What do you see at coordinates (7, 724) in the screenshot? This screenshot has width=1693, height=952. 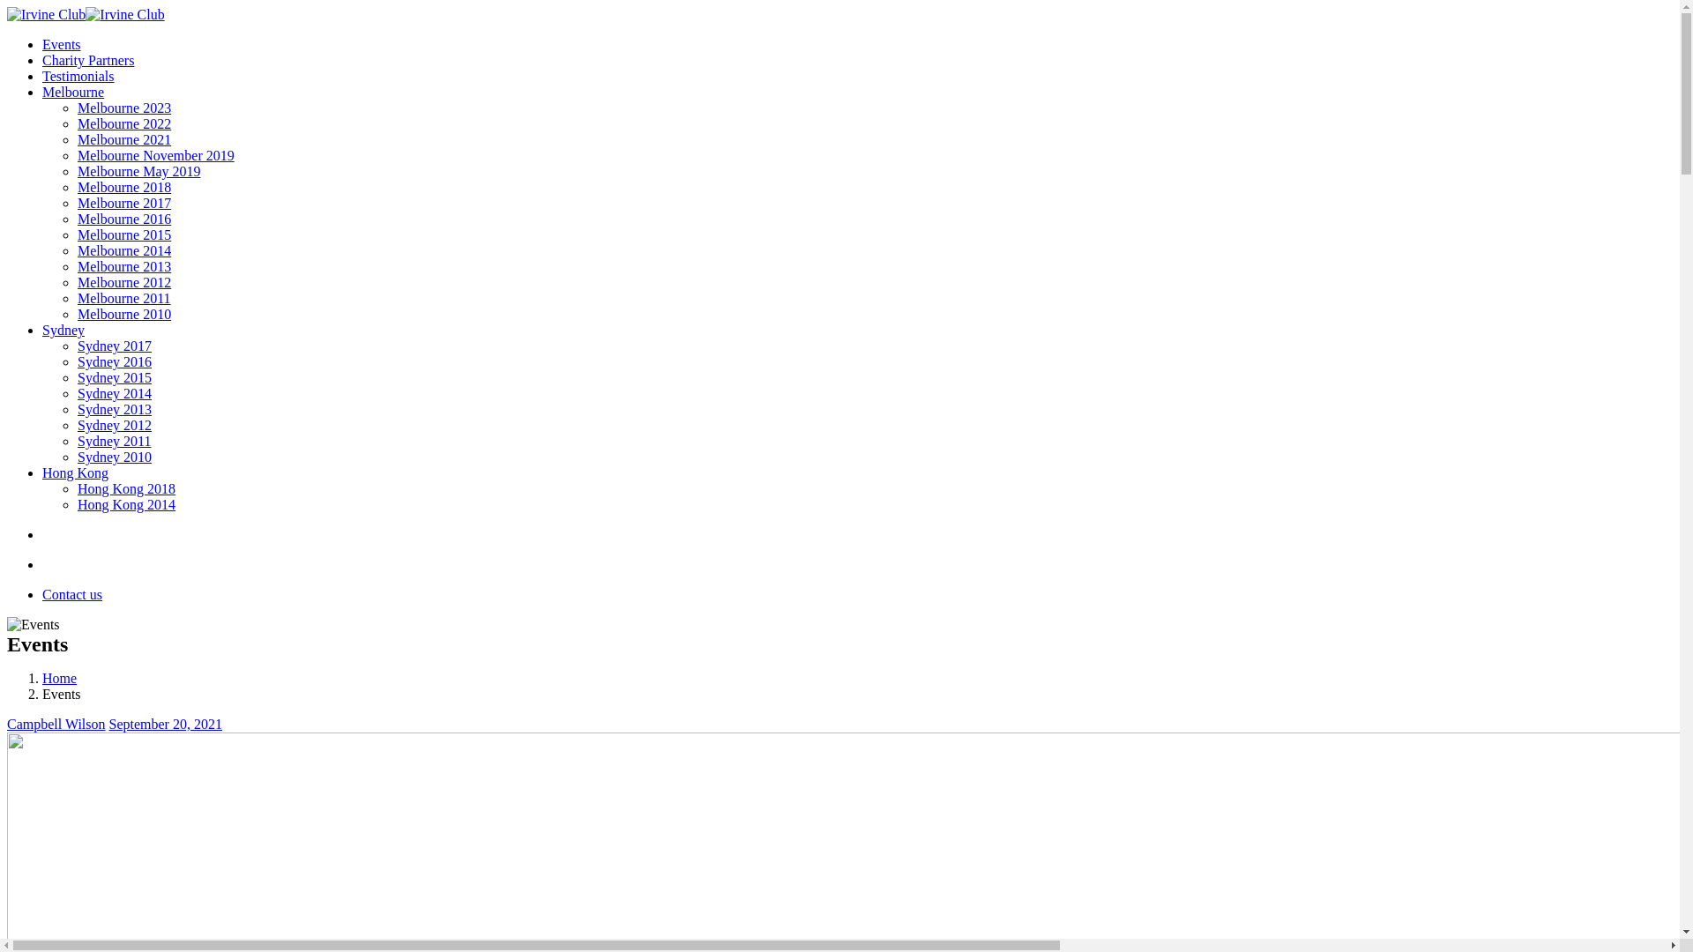 I see `'Campbell Wilson'` at bounding box center [7, 724].